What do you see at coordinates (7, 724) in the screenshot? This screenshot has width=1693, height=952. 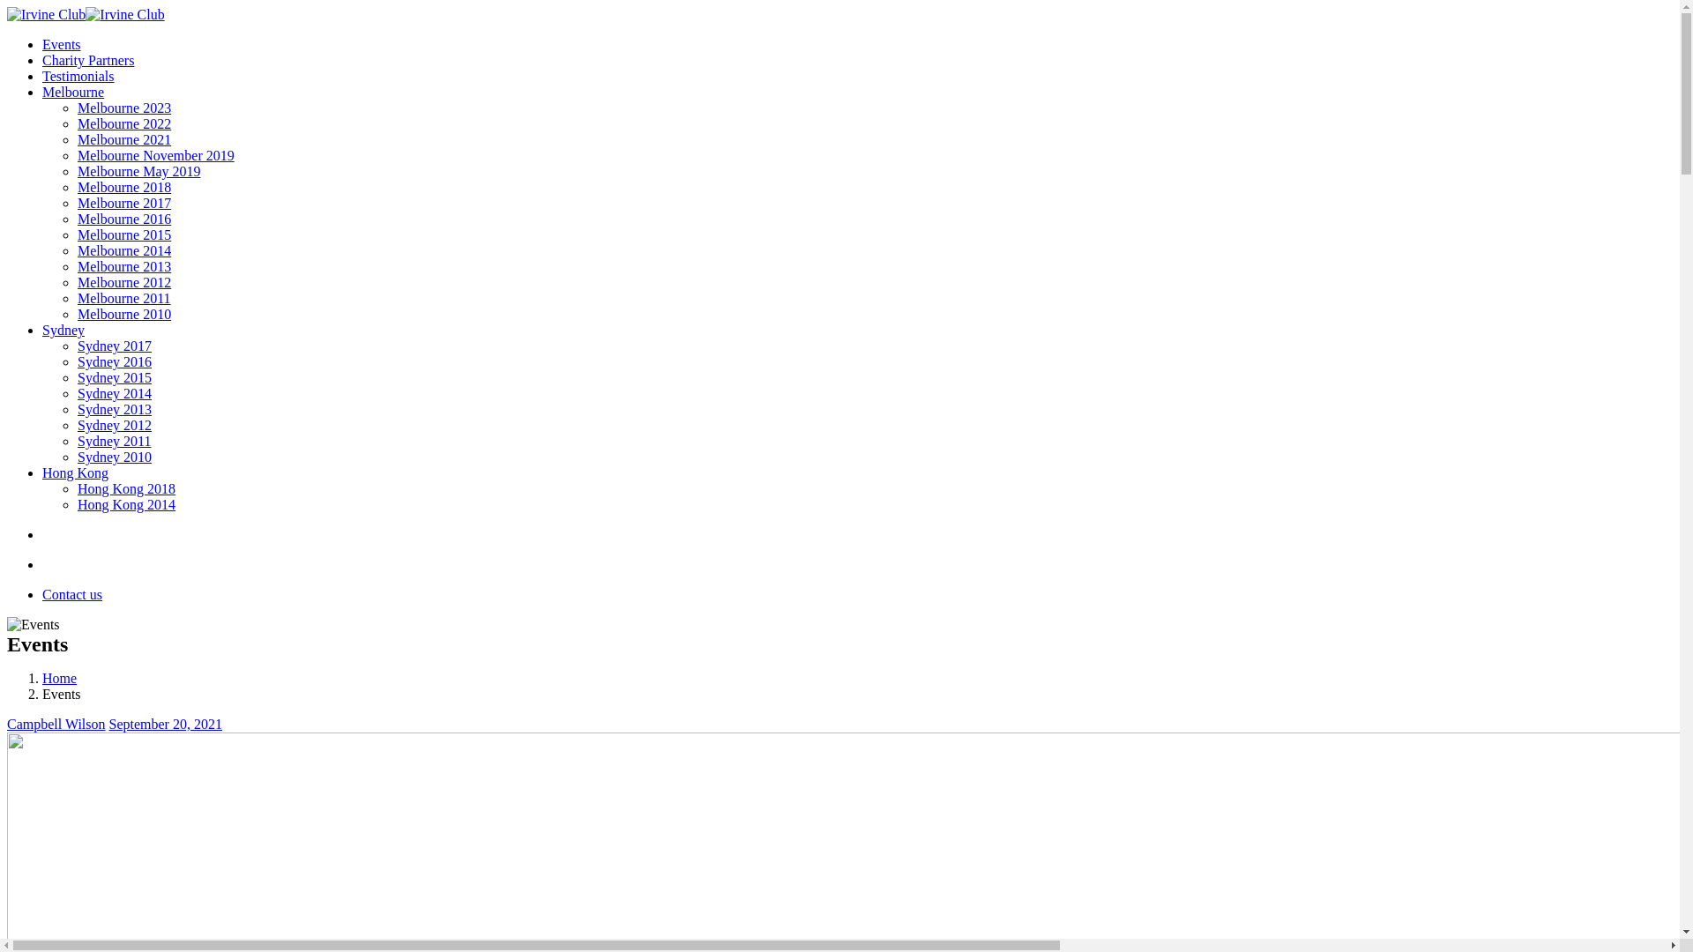 I see `'Campbell Wilson'` at bounding box center [7, 724].